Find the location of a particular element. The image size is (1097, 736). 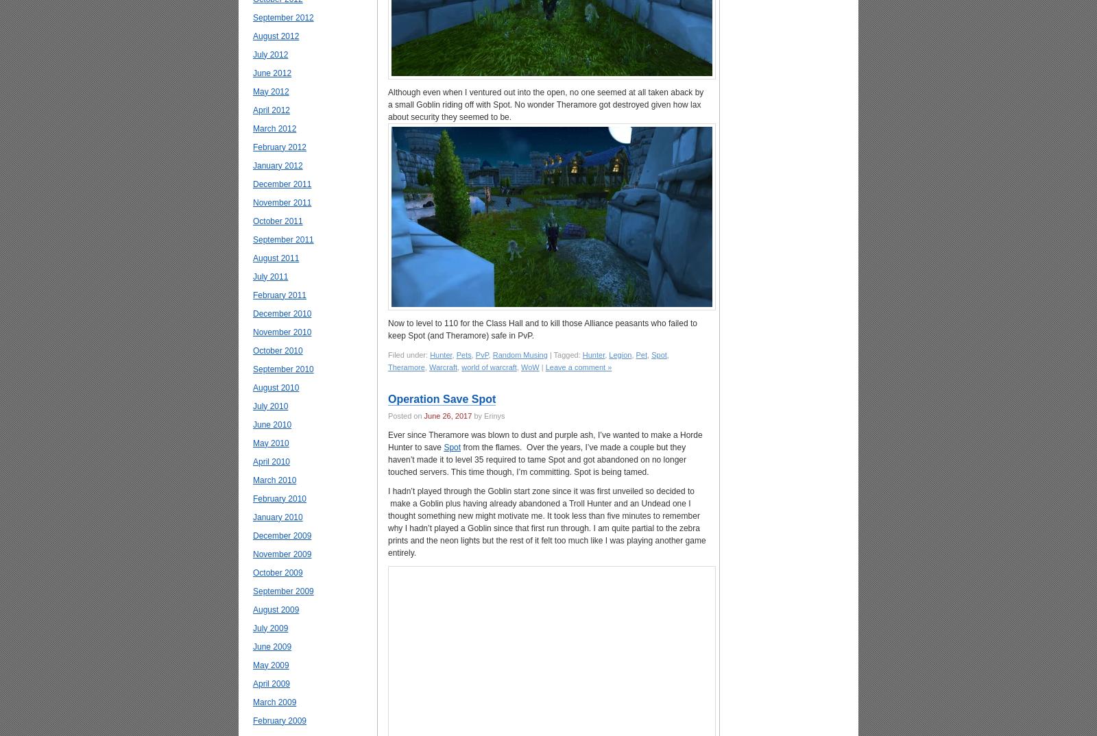

'September 2010' is located at coordinates (282, 368).